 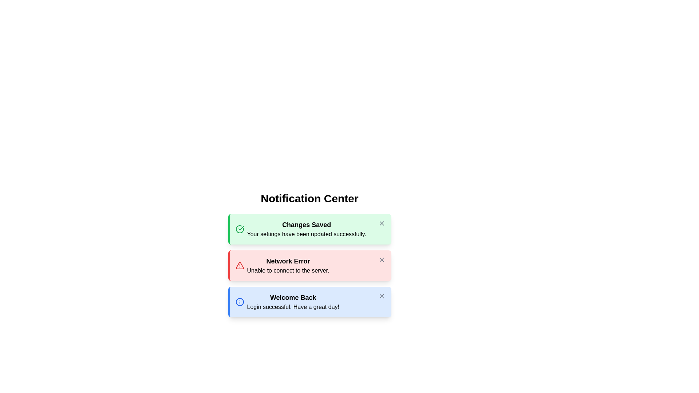 What do you see at coordinates (381, 223) in the screenshot?
I see `the close button located in the upper-right corner of the green notification card labeled 'Changes Saved'` at bounding box center [381, 223].